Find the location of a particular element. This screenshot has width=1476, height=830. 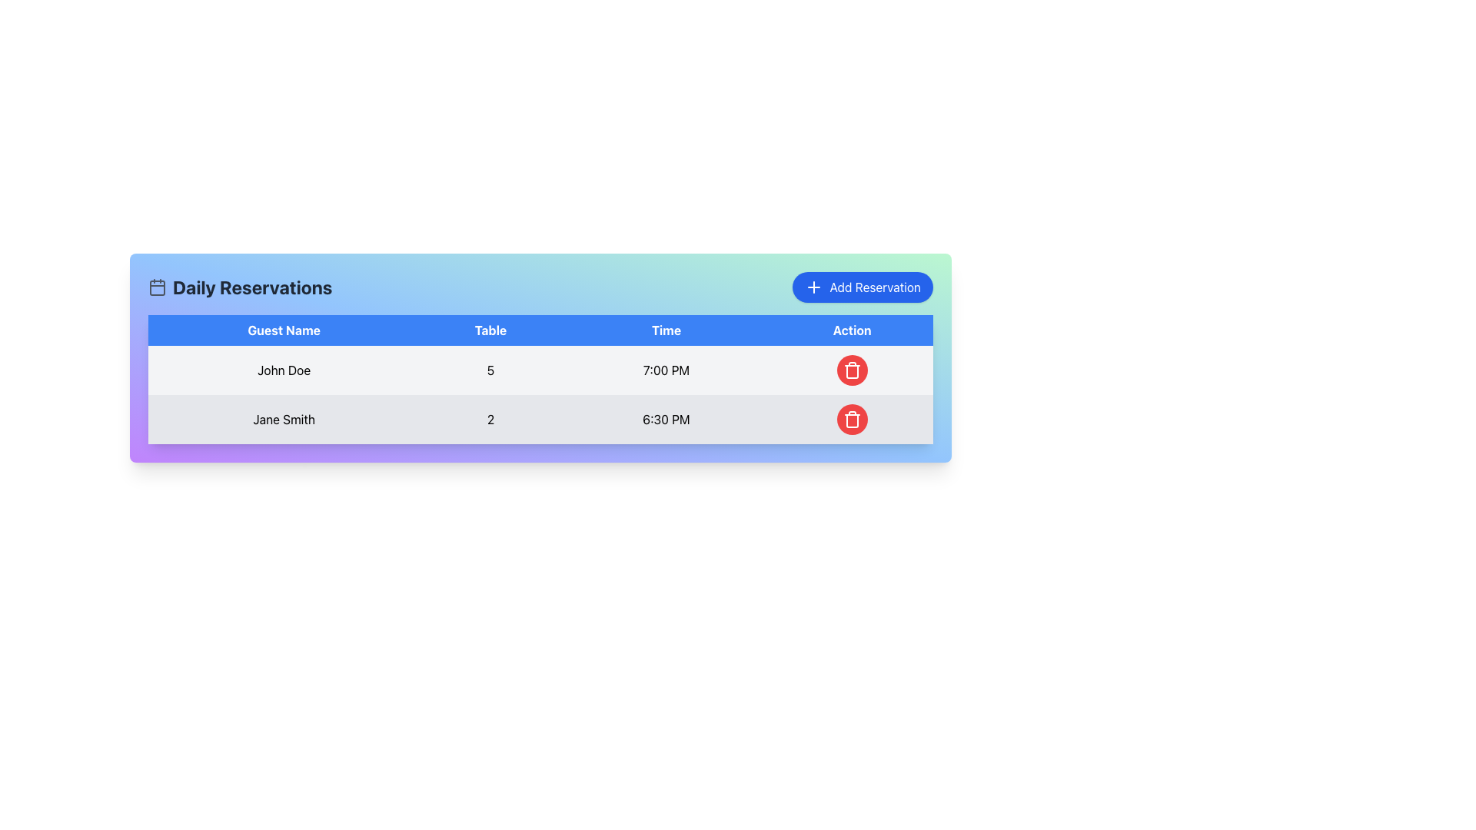

the table cell displaying 'John Doe', which is located in the first column of the first row under the header 'Guest Name' in the 'Daily Reservations' table is located at coordinates (284, 370).